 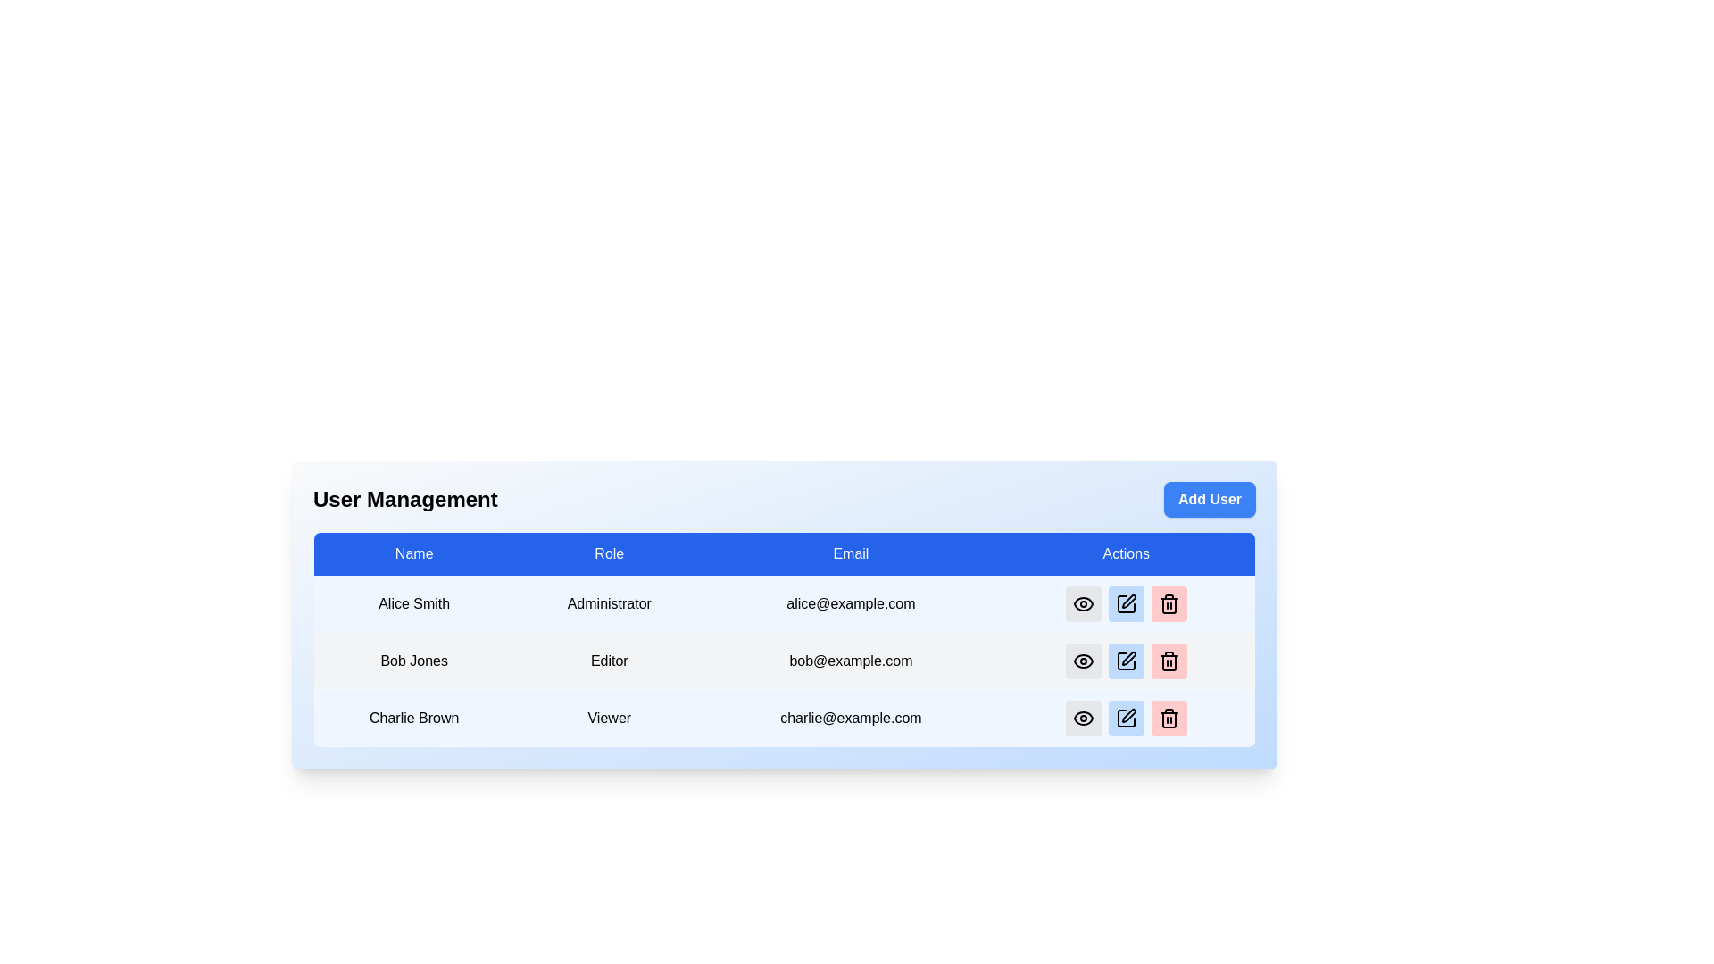 I want to click on the Edit icon in the Action column of the user management table to initiate editing for the corresponding user, so click(x=1125, y=661).